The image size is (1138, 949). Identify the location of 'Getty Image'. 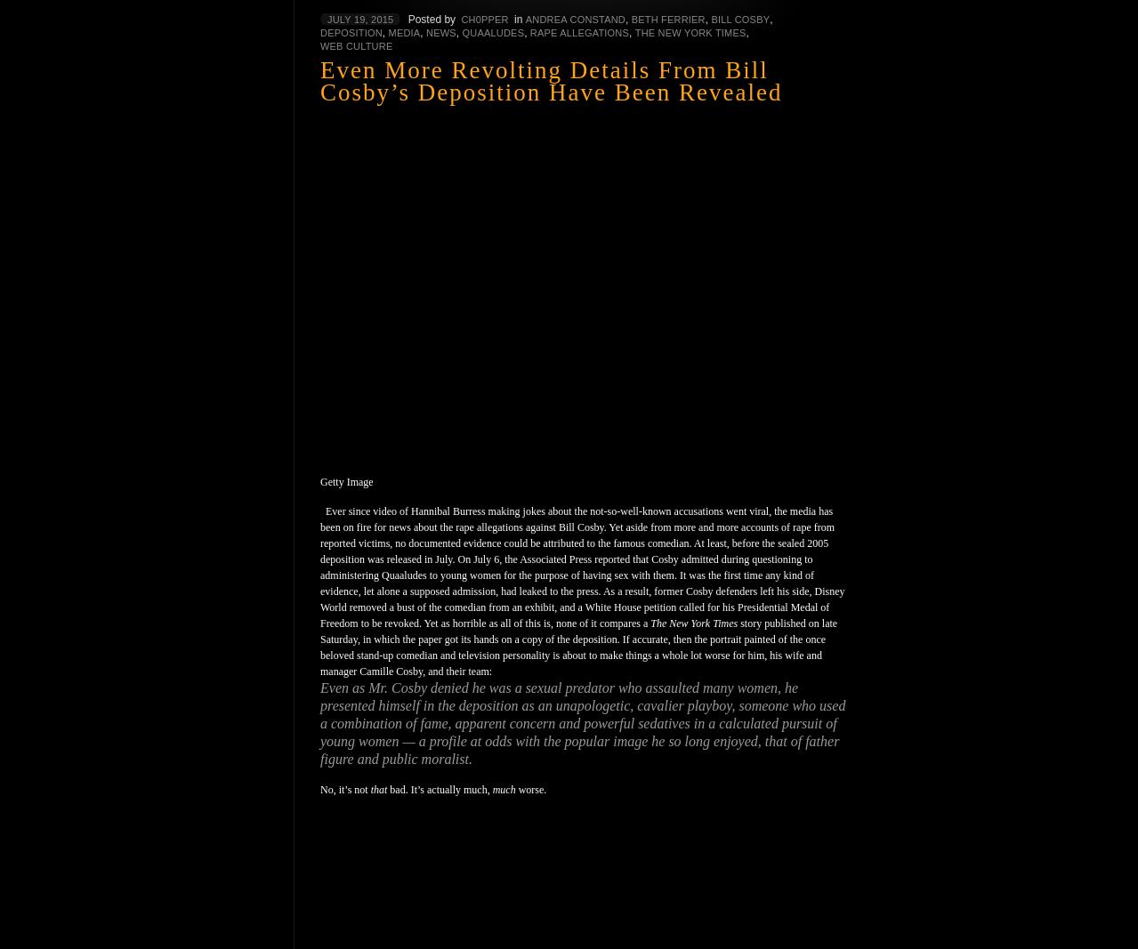
(345, 480).